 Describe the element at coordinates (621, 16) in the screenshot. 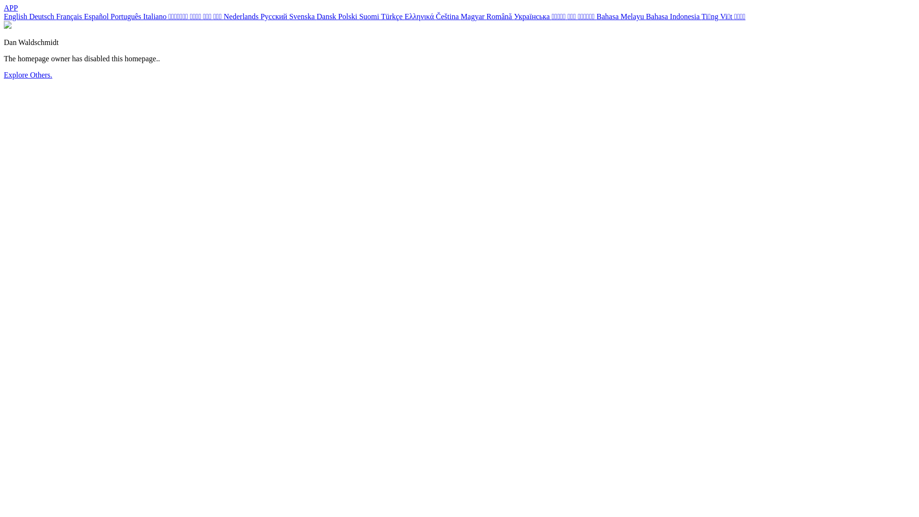

I see `'Bahasa Melayu'` at that location.